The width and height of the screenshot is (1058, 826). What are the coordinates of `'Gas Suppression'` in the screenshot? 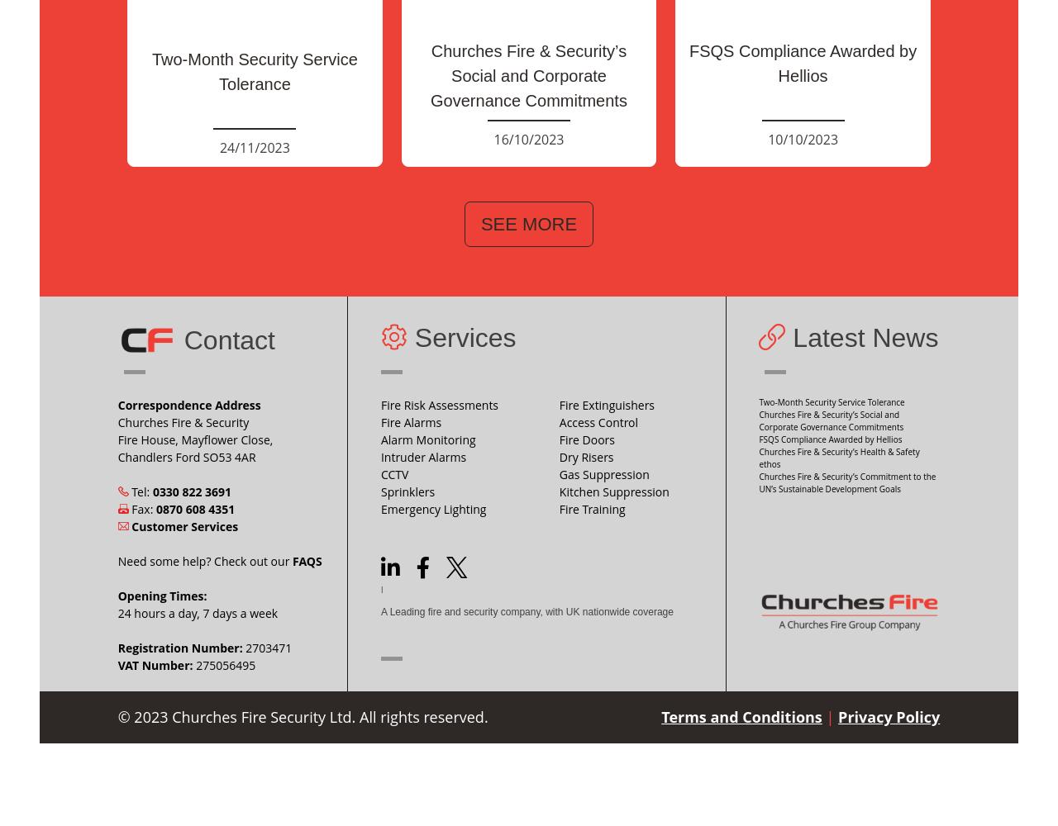 It's located at (603, 472).